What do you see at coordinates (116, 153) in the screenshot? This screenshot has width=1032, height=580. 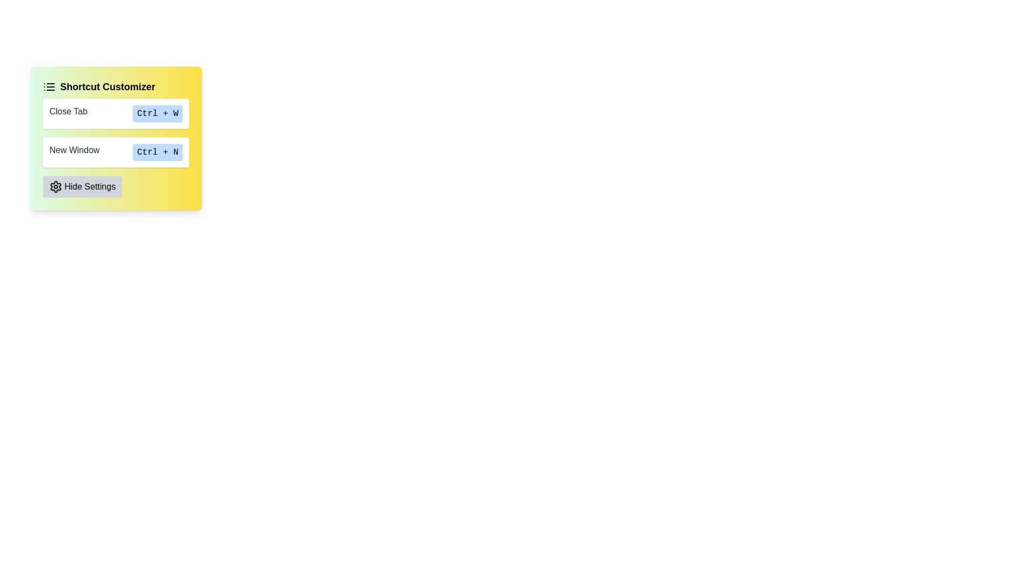 I see `the 'New Window' shortcut display element, which shows 'New Window' and 'Ctrl + N' on a pale blue background, positioned in the second slot of the shortcut buttons list` at bounding box center [116, 153].